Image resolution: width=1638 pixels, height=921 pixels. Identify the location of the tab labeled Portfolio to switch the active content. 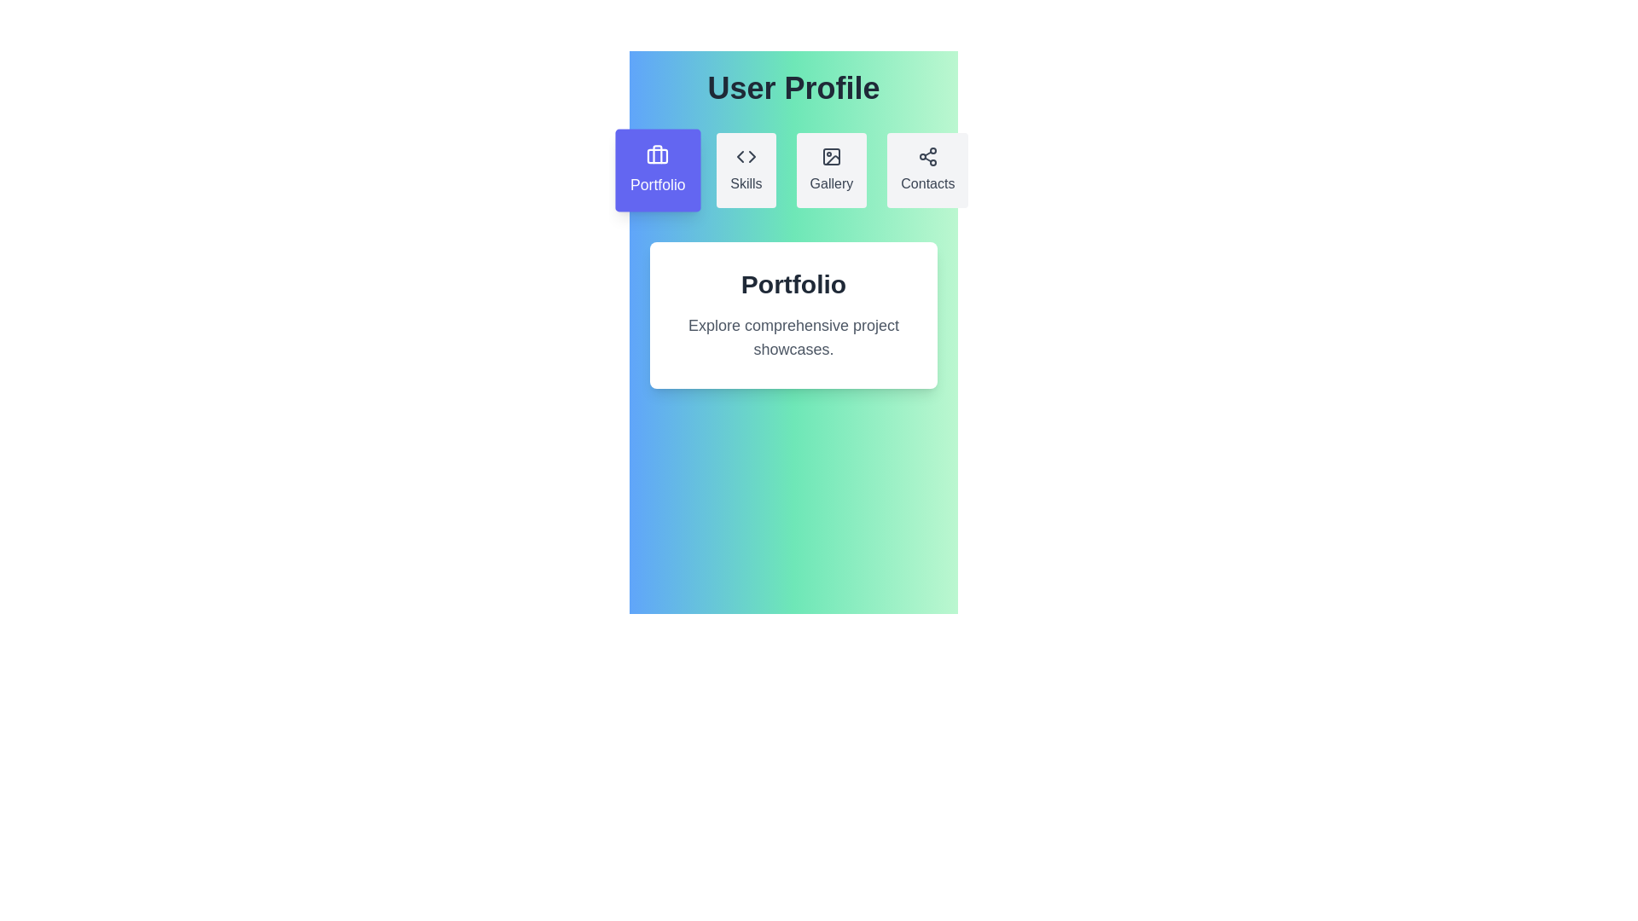
(656, 171).